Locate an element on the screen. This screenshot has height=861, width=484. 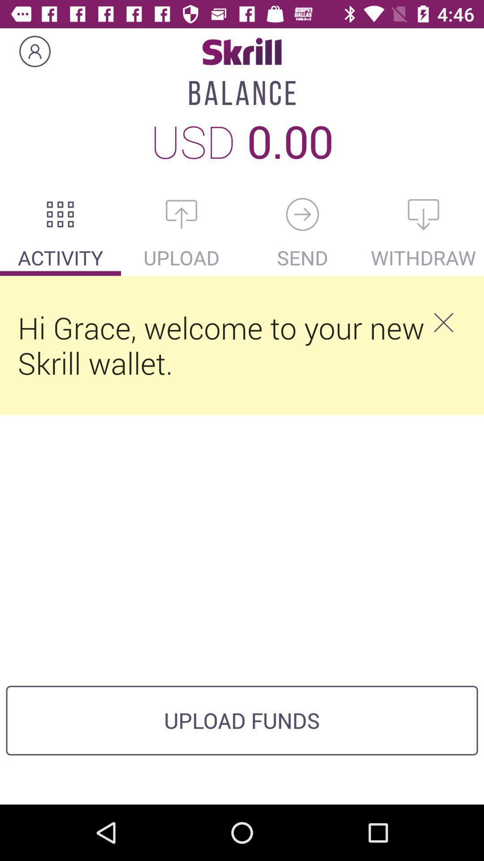
the icon below usd icon is located at coordinates (181, 214).